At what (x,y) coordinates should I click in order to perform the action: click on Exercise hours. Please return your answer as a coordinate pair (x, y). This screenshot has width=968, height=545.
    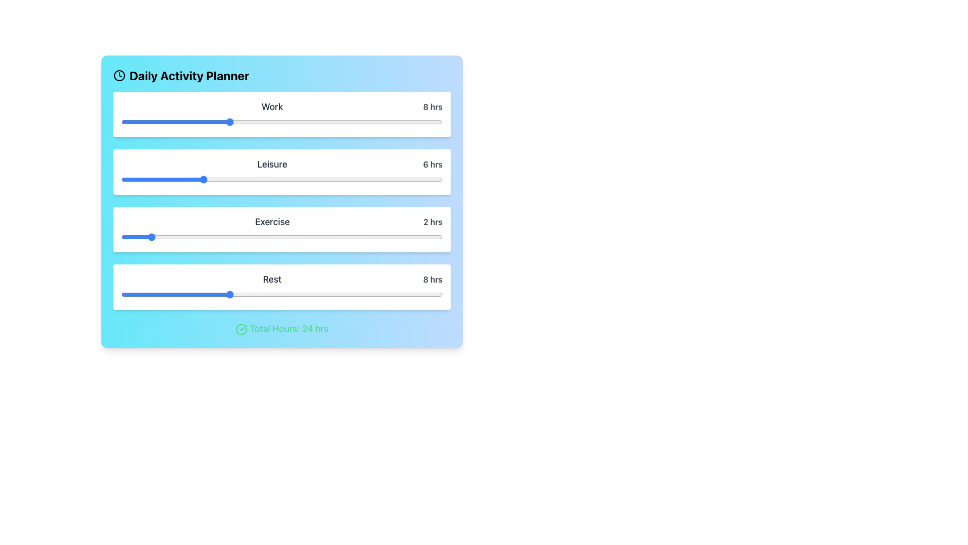
    Looking at the image, I should click on (349, 237).